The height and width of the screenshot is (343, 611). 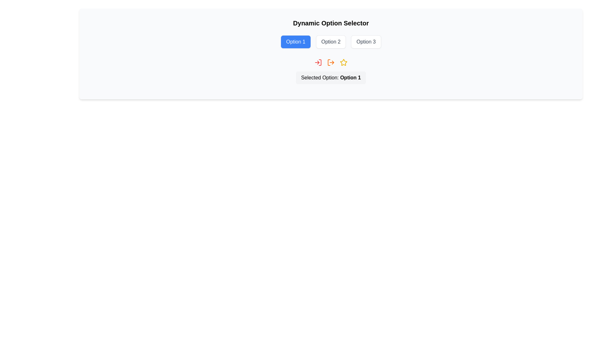 What do you see at coordinates (350, 77) in the screenshot?
I see `the Text label that indicates the currently selected option, which is located to the right of 'Selected Option:' in the lower part of the active area` at bounding box center [350, 77].